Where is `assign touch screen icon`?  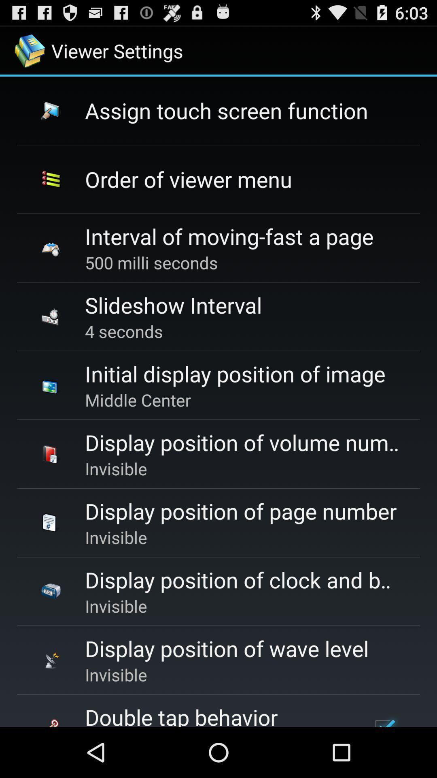 assign touch screen icon is located at coordinates (226, 110).